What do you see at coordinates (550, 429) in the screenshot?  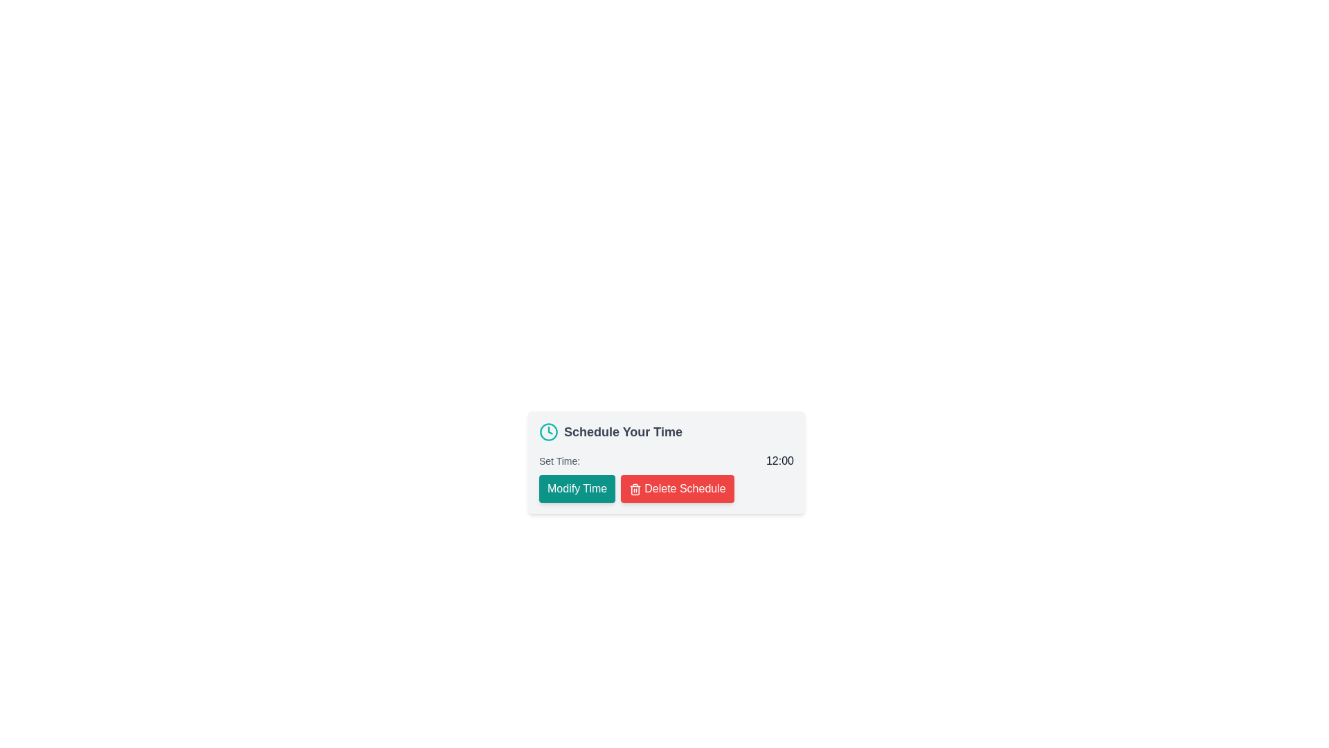 I see `the polygonal icon resembling a short arrow that indicates time on the clock graphic, located at the center of the clock's circular outline` at bounding box center [550, 429].